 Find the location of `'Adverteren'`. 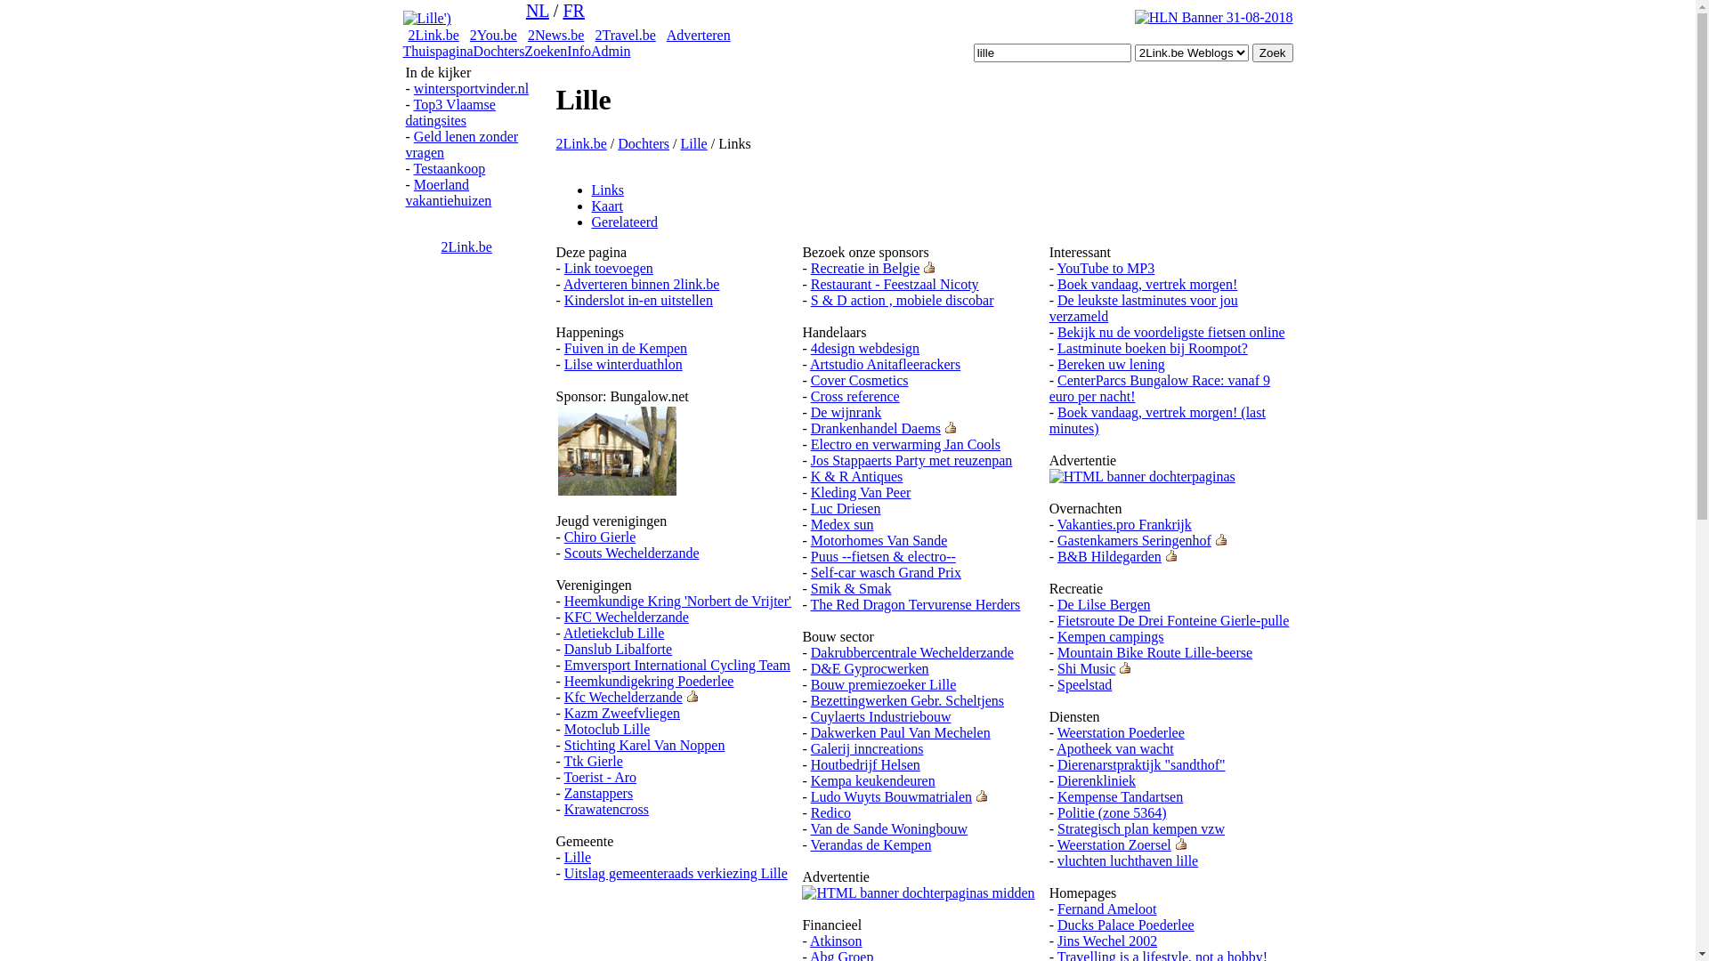

'Adverteren' is located at coordinates (665, 35).